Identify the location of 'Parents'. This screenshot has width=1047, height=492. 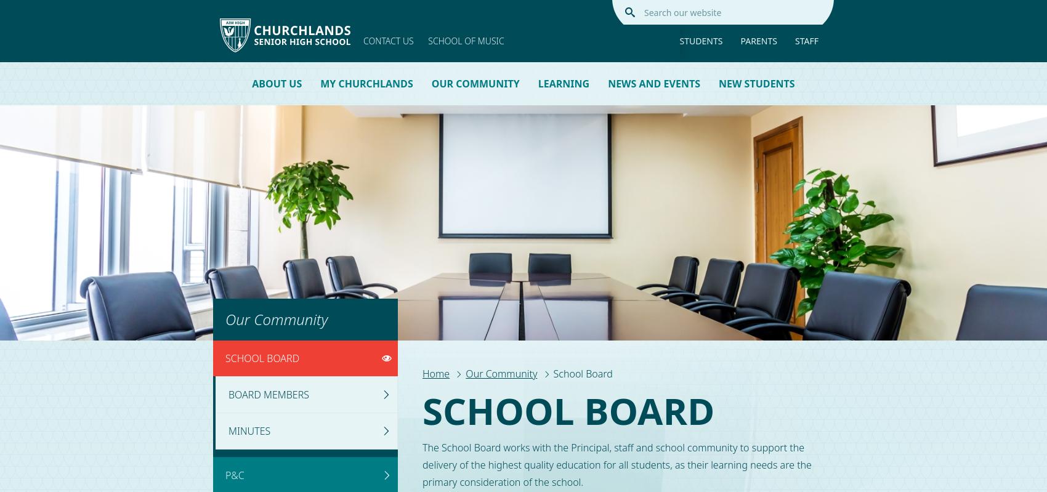
(758, 41).